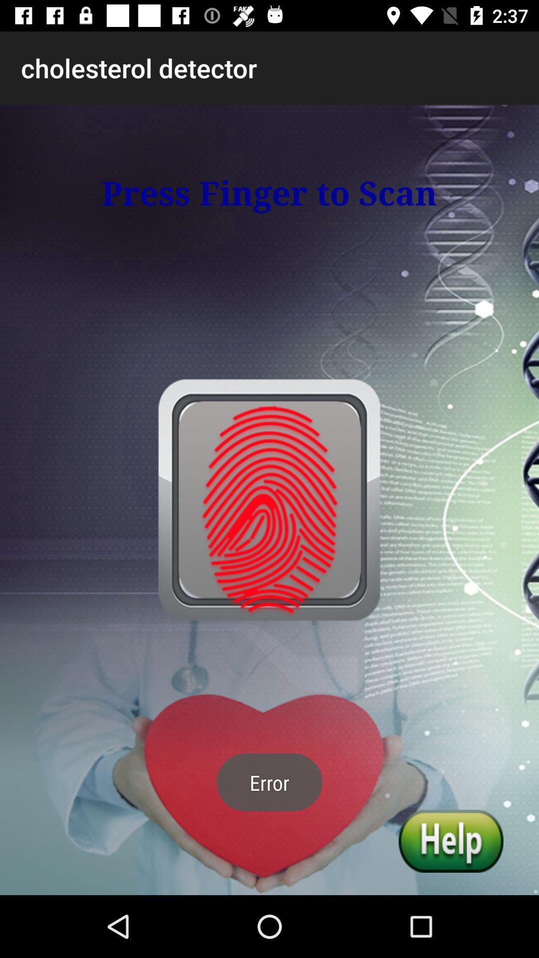  I want to click on open help button, so click(451, 840).